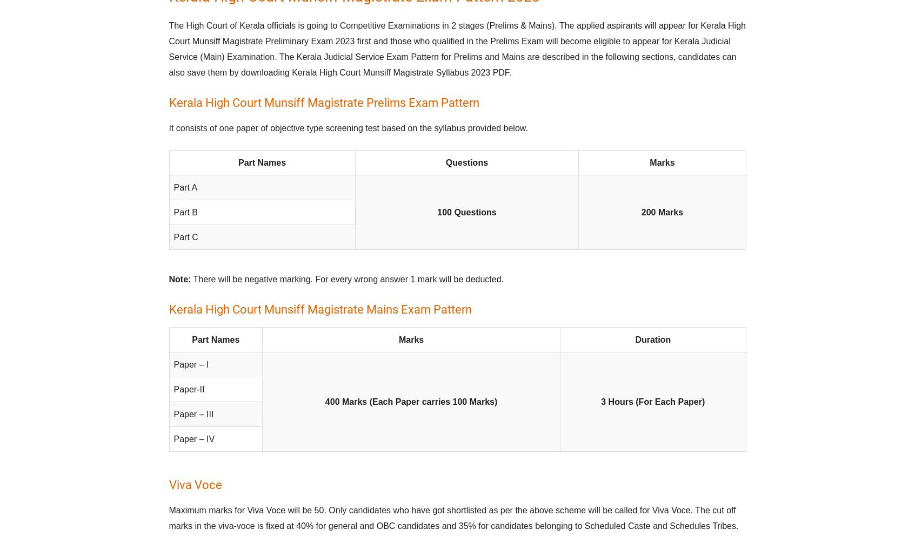 Image resolution: width=915 pixels, height=550 pixels. What do you see at coordinates (348, 128) in the screenshot?
I see `'It consists of one paper of objective type screening test based on the syllabus provided below.'` at bounding box center [348, 128].